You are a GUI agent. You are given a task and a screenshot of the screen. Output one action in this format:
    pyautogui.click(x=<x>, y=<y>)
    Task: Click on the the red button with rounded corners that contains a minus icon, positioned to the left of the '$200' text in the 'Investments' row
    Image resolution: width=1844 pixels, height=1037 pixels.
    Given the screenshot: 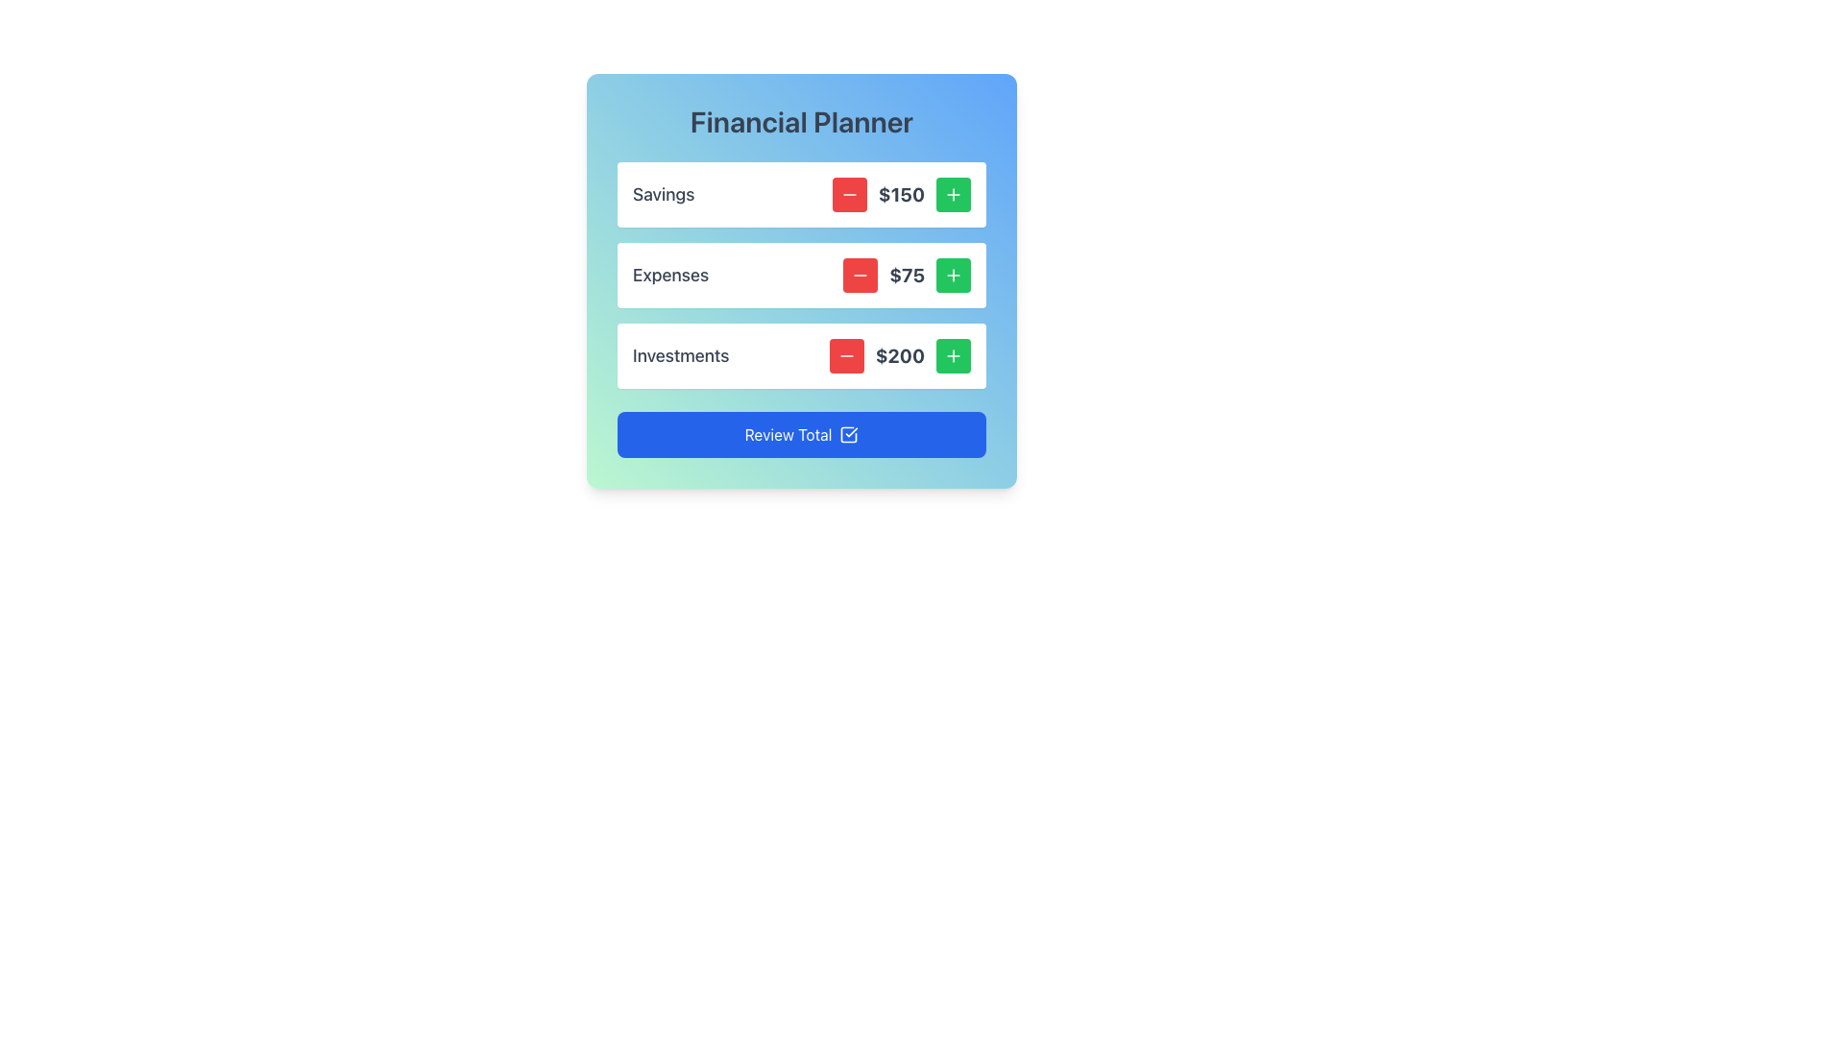 What is the action you would take?
    pyautogui.click(x=845, y=355)
    